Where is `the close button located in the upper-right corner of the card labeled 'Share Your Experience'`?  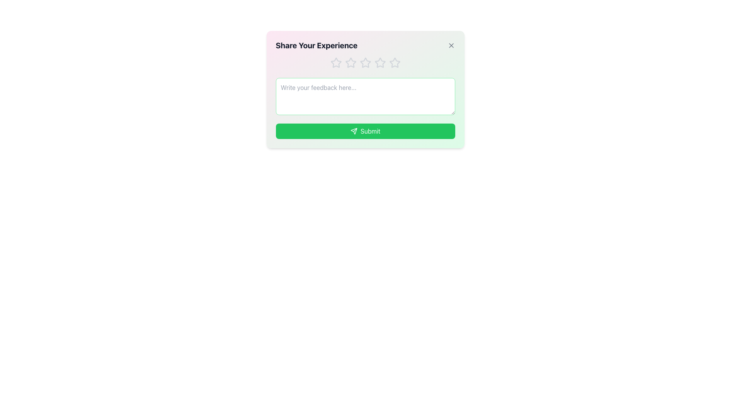
the close button located in the upper-right corner of the card labeled 'Share Your Experience' is located at coordinates (451, 46).